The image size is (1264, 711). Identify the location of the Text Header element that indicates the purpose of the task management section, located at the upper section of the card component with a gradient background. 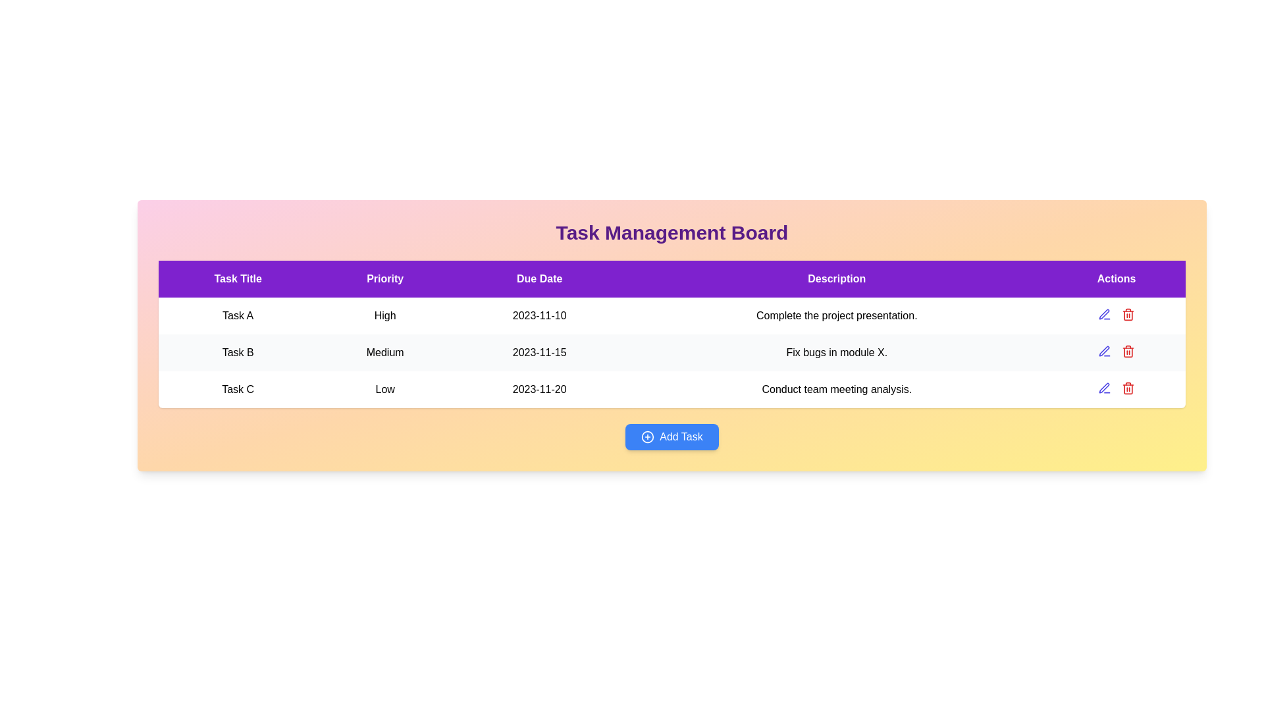
(672, 232).